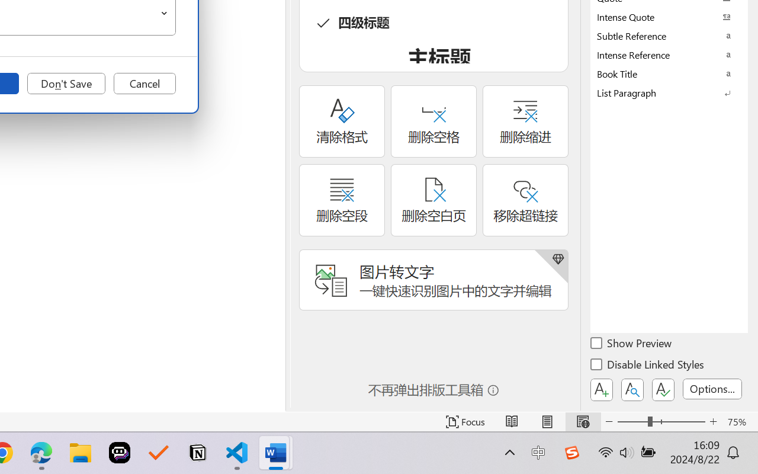  Describe the element at coordinates (669, 73) in the screenshot. I see `'Book Title'` at that location.